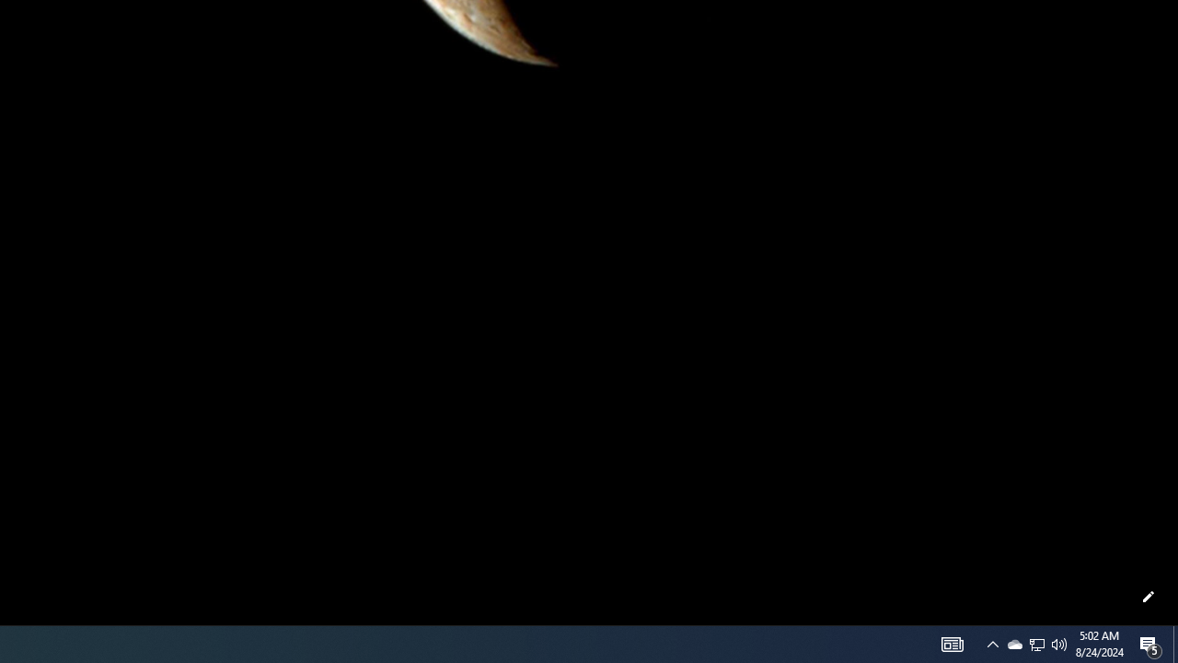 Image resolution: width=1178 pixels, height=663 pixels. What do you see at coordinates (1148, 597) in the screenshot?
I see `'Customize this page'` at bounding box center [1148, 597].